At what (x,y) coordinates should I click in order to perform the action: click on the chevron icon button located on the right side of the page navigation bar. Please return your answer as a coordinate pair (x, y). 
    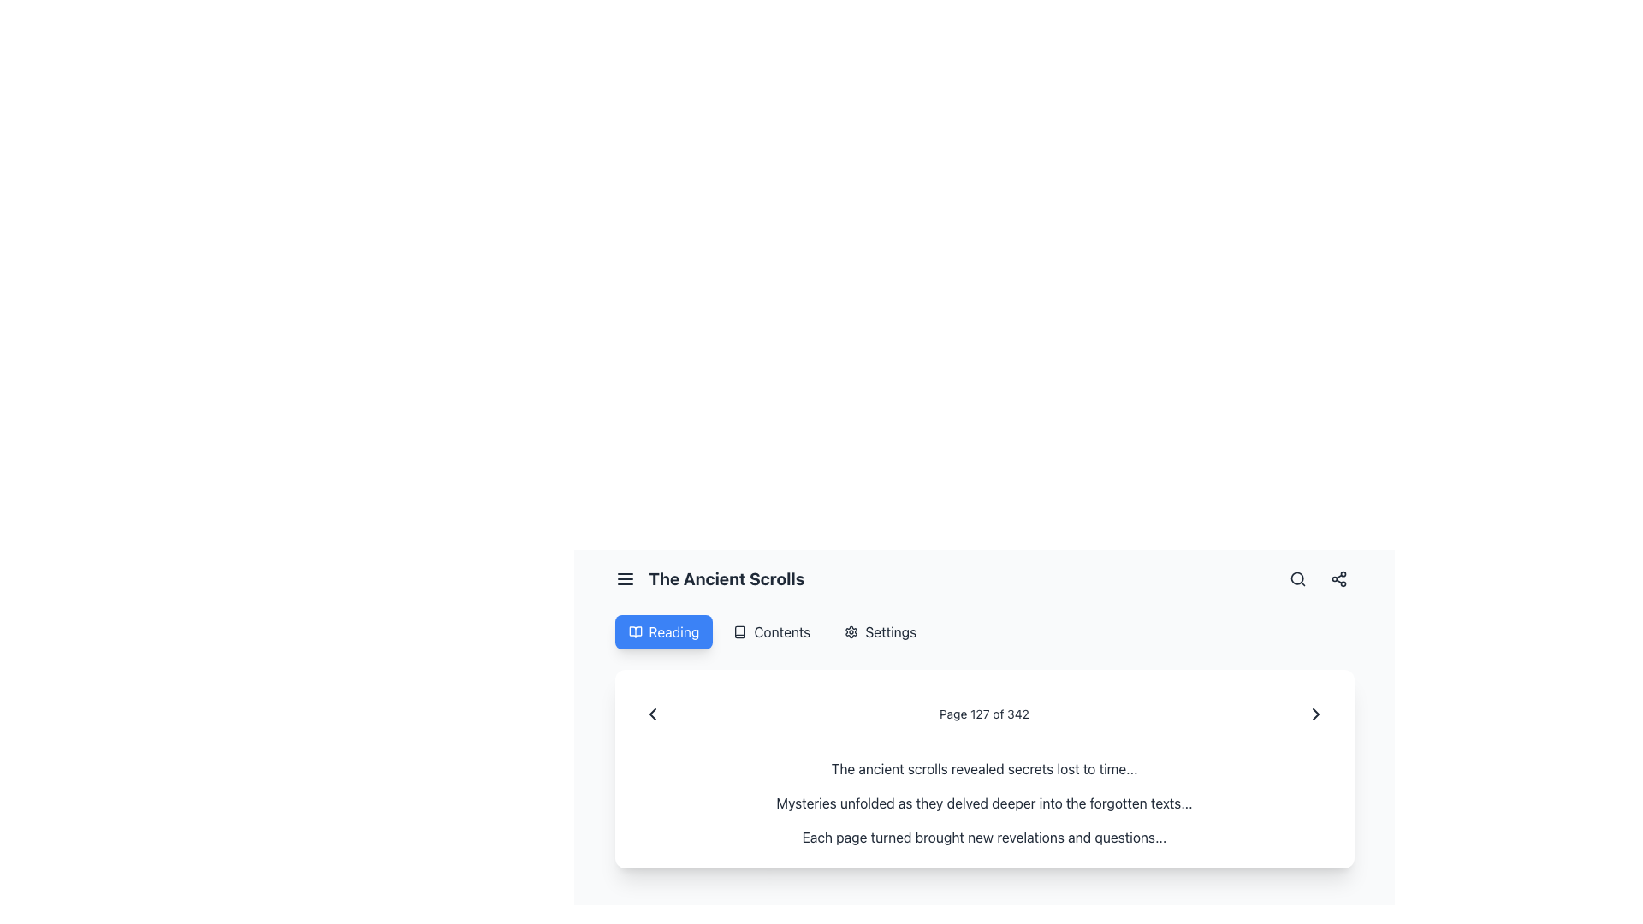
    Looking at the image, I should click on (1315, 714).